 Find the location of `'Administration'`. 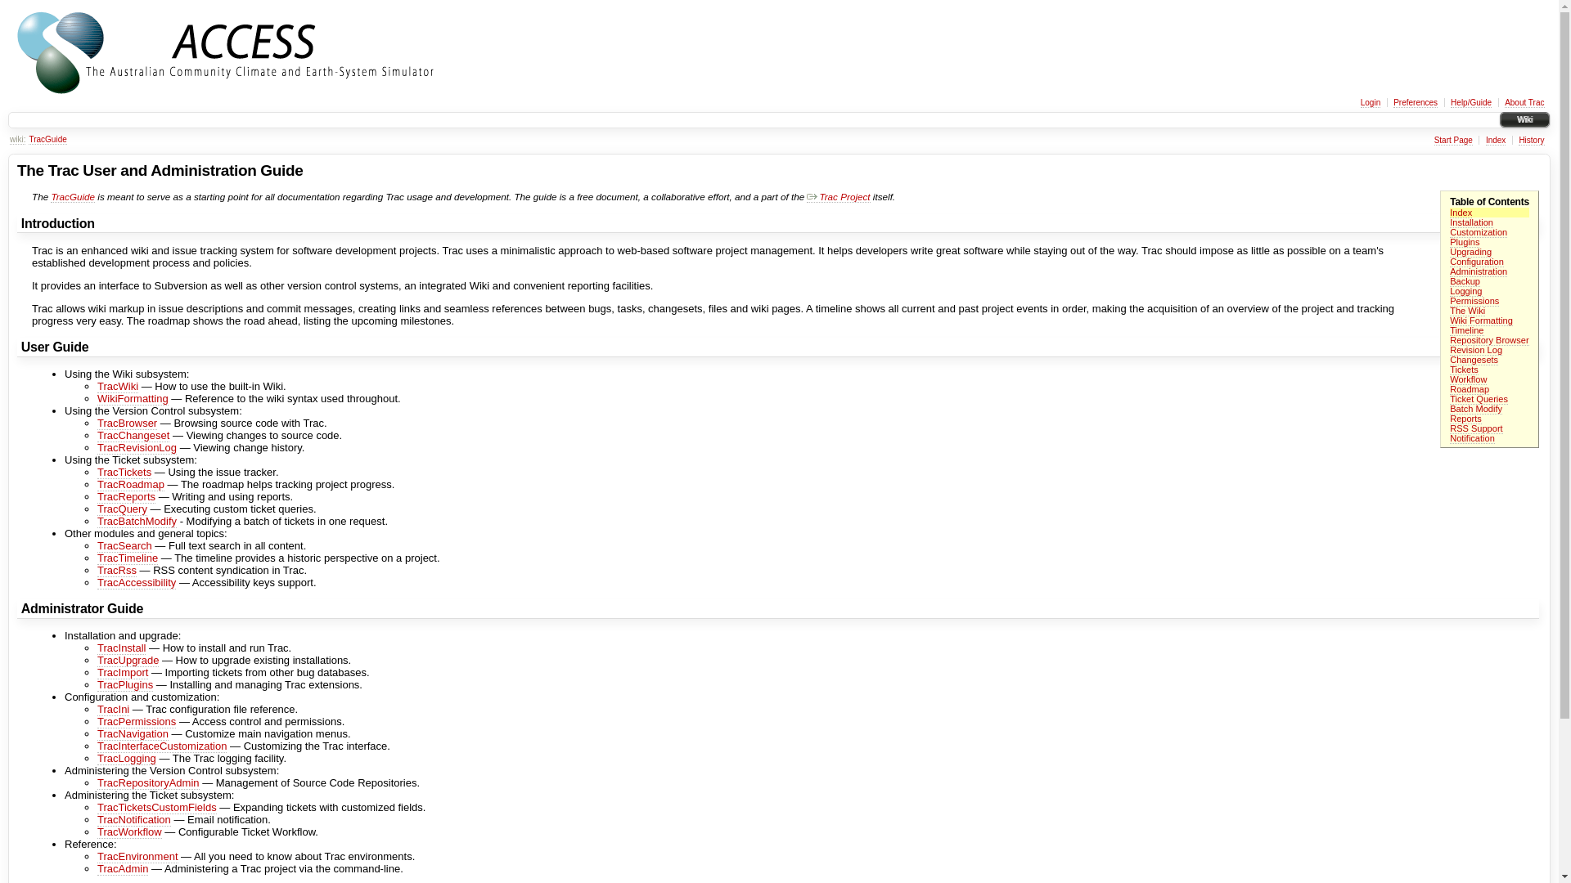

'Administration' is located at coordinates (1449, 271).